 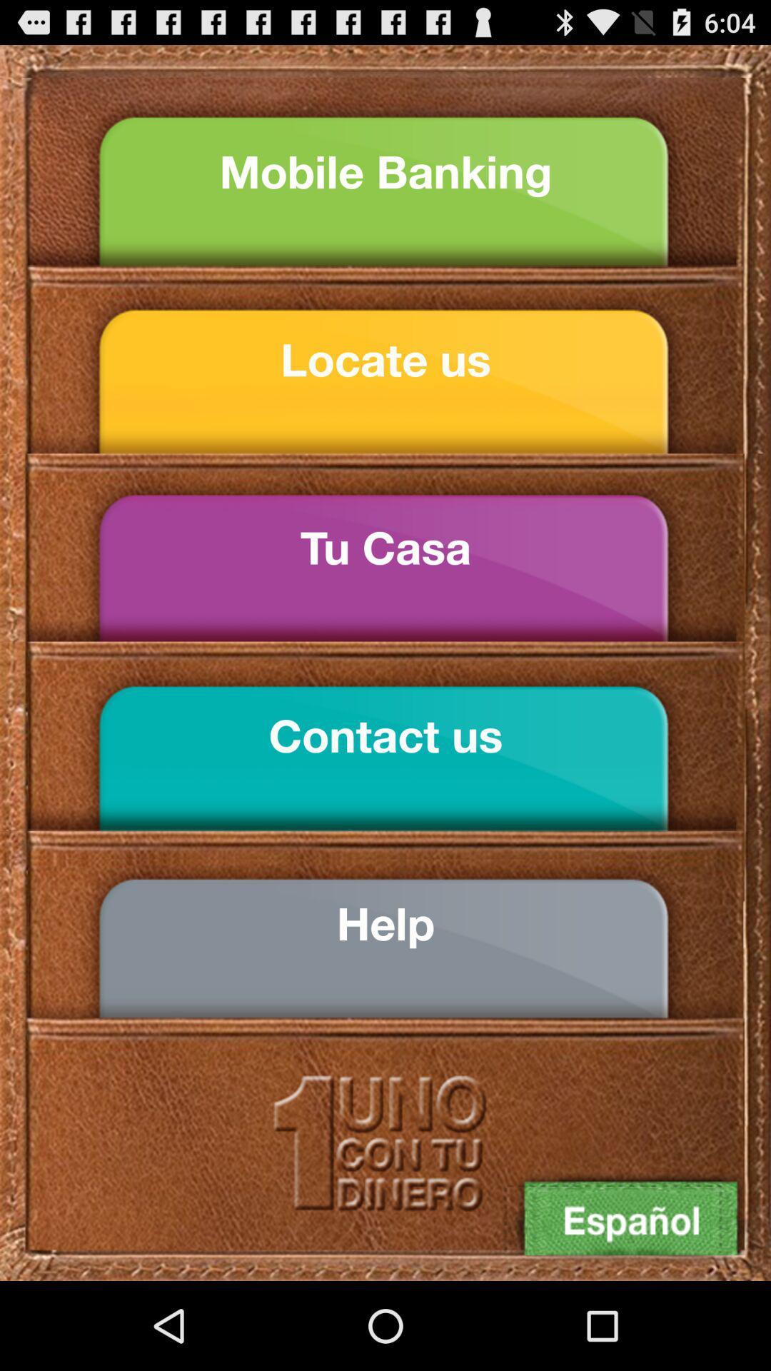 What do you see at coordinates (385, 171) in the screenshot?
I see `mobile banking` at bounding box center [385, 171].